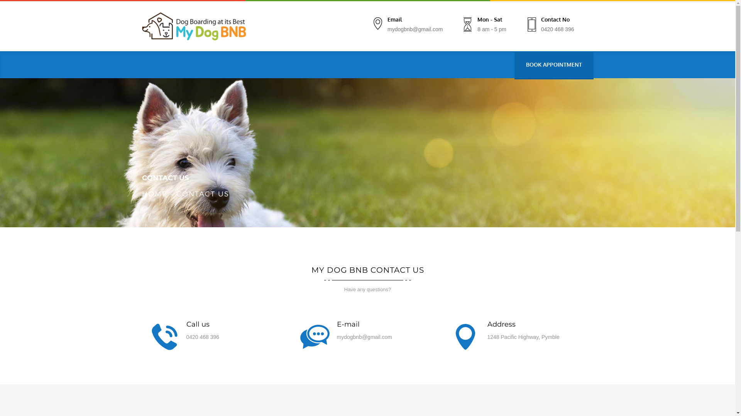 This screenshot has width=741, height=416. What do you see at coordinates (553, 64) in the screenshot?
I see `'BOOK APPOINTMENT'` at bounding box center [553, 64].